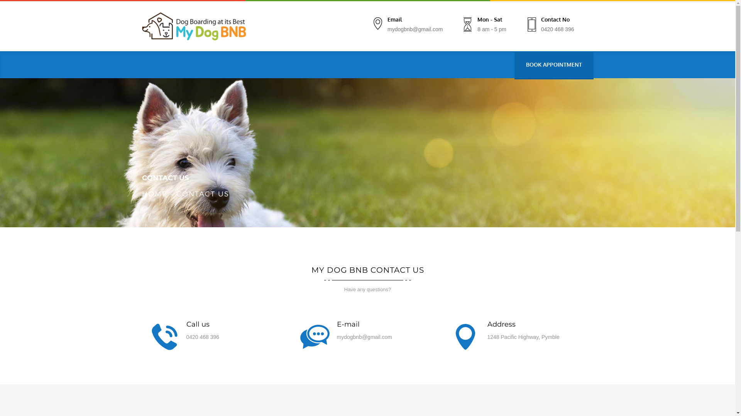 This screenshot has width=741, height=416. What do you see at coordinates (553, 64) in the screenshot?
I see `'BOOK APPOINTMENT'` at bounding box center [553, 64].